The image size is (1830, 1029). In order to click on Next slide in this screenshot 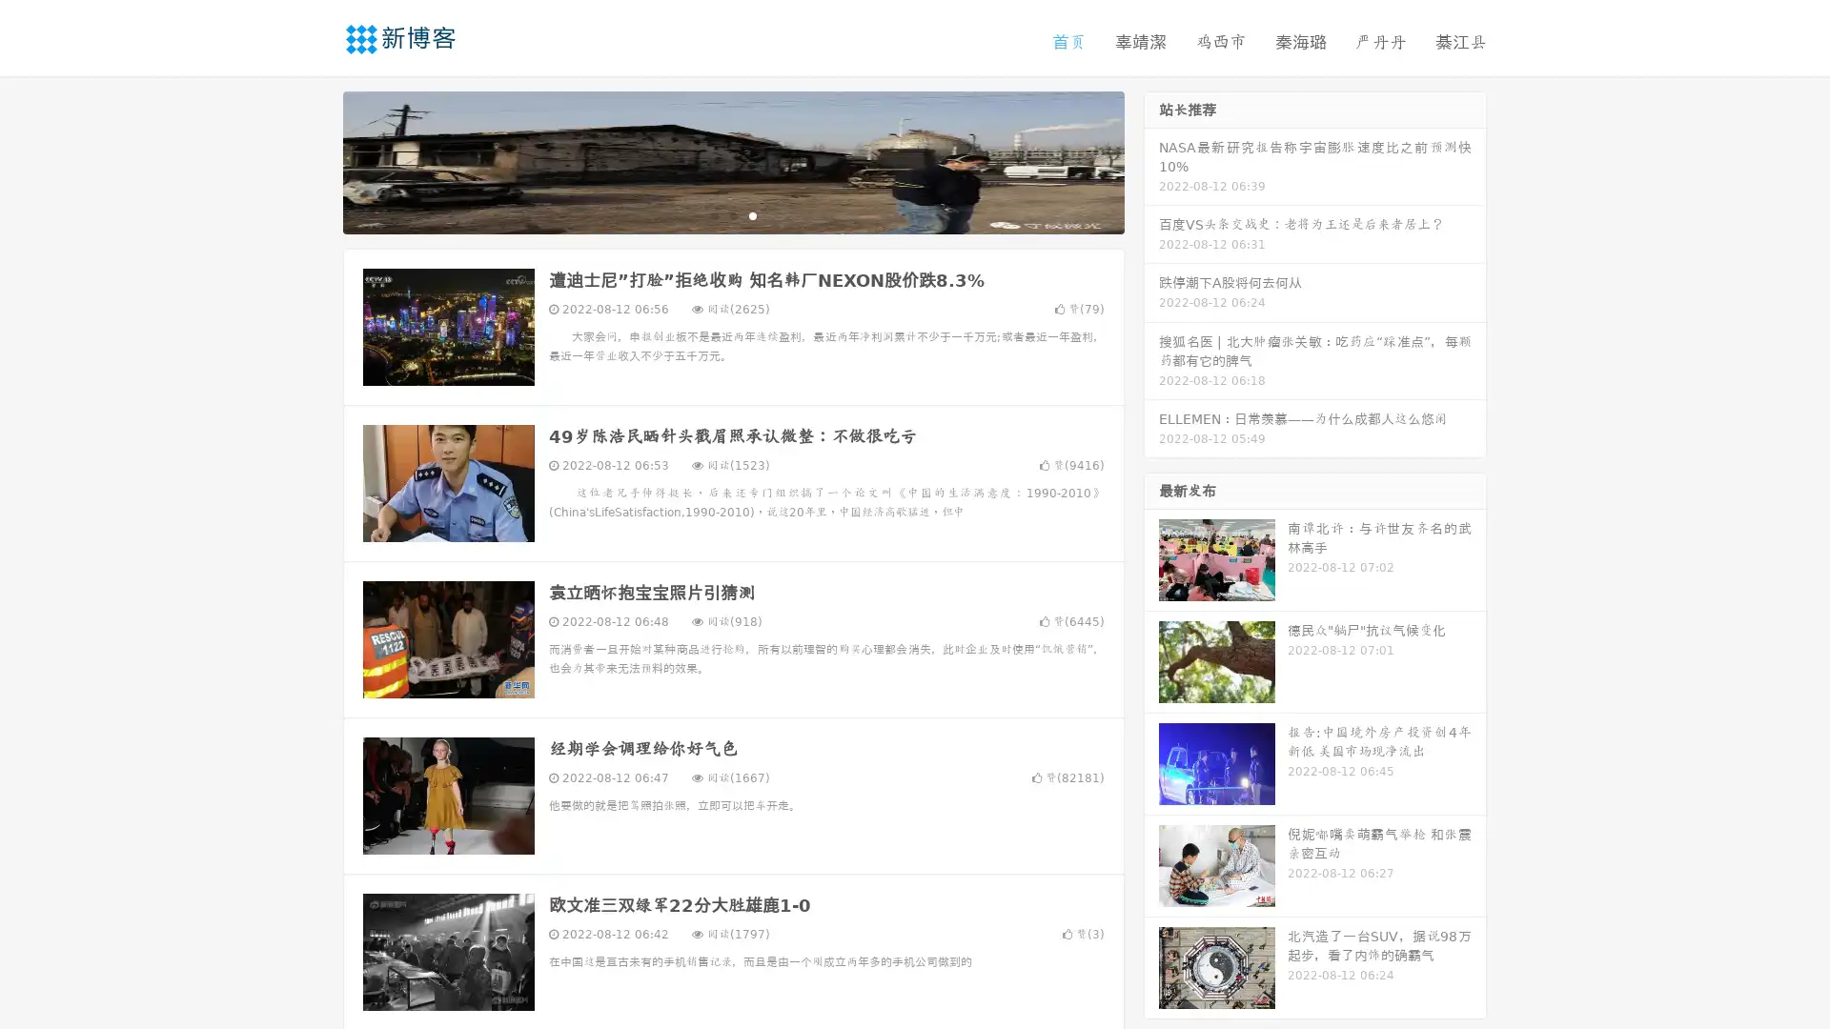, I will do `click(1151, 160)`.